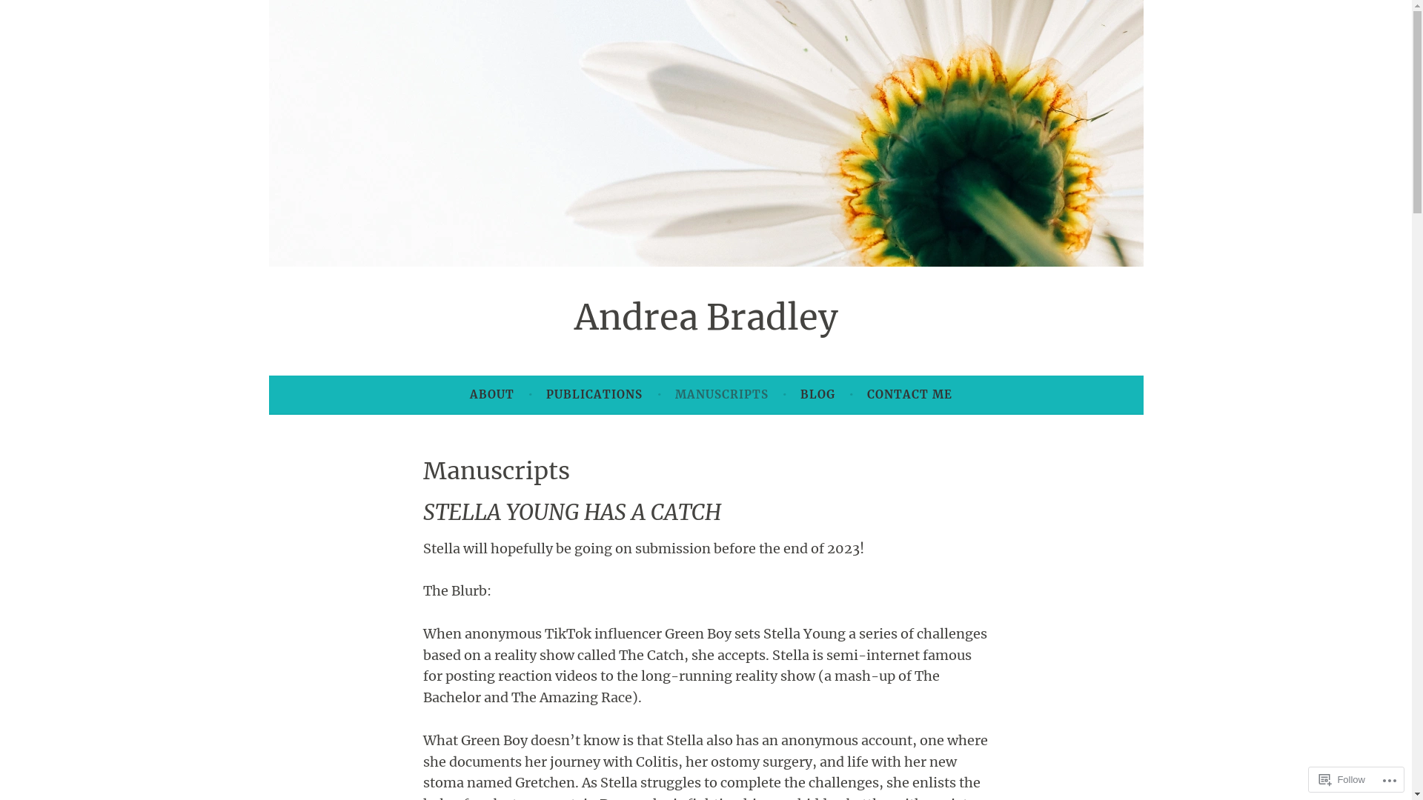 The image size is (1423, 800). Describe the element at coordinates (817, 393) in the screenshot. I see `'BLOG'` at that location.